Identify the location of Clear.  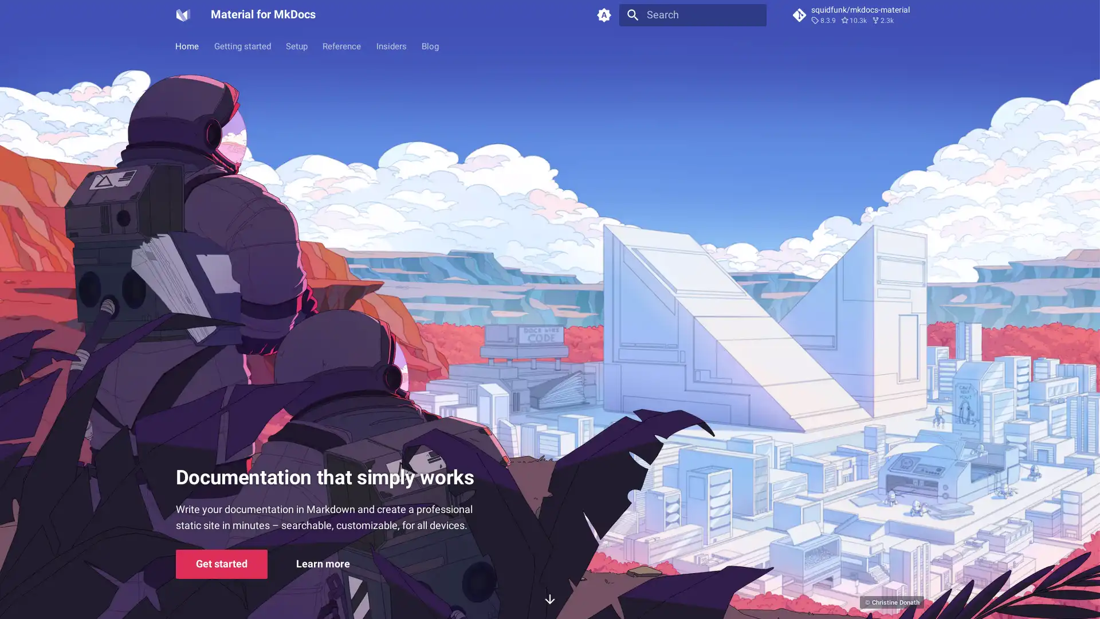
(753, 15).